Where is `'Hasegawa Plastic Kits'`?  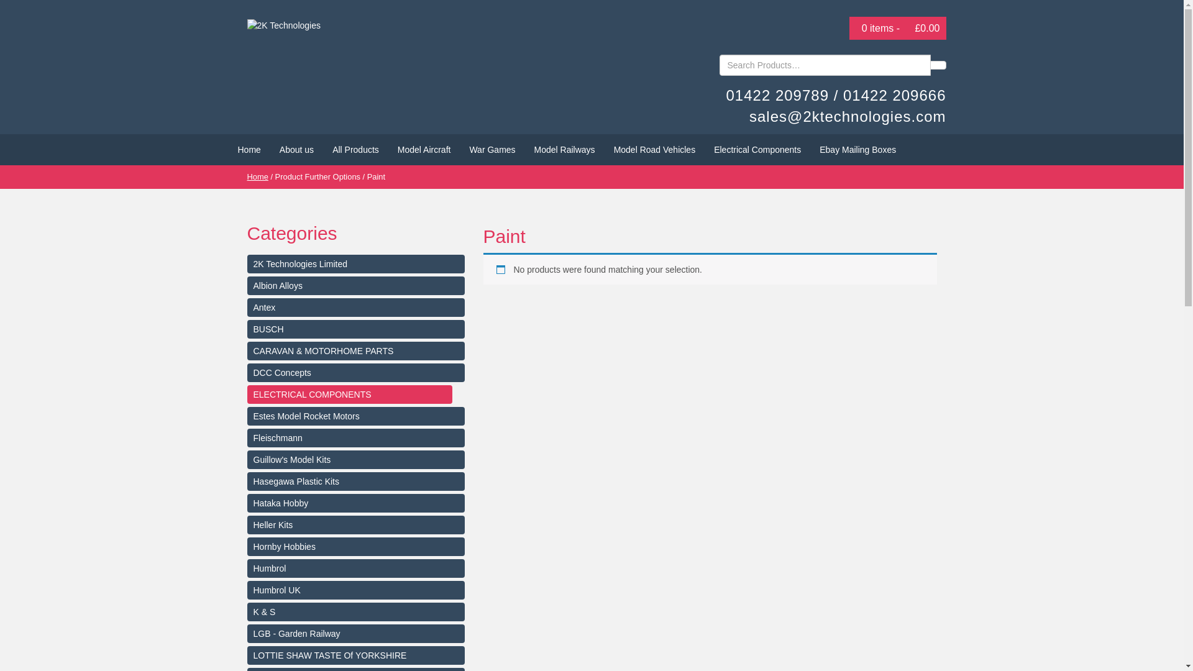 'Hasegawa Plastic Kits' is located at coordinates (355, 481).